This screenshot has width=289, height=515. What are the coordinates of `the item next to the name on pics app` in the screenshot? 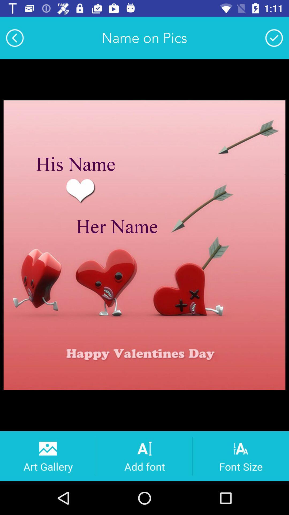 It's located at (14, 38).